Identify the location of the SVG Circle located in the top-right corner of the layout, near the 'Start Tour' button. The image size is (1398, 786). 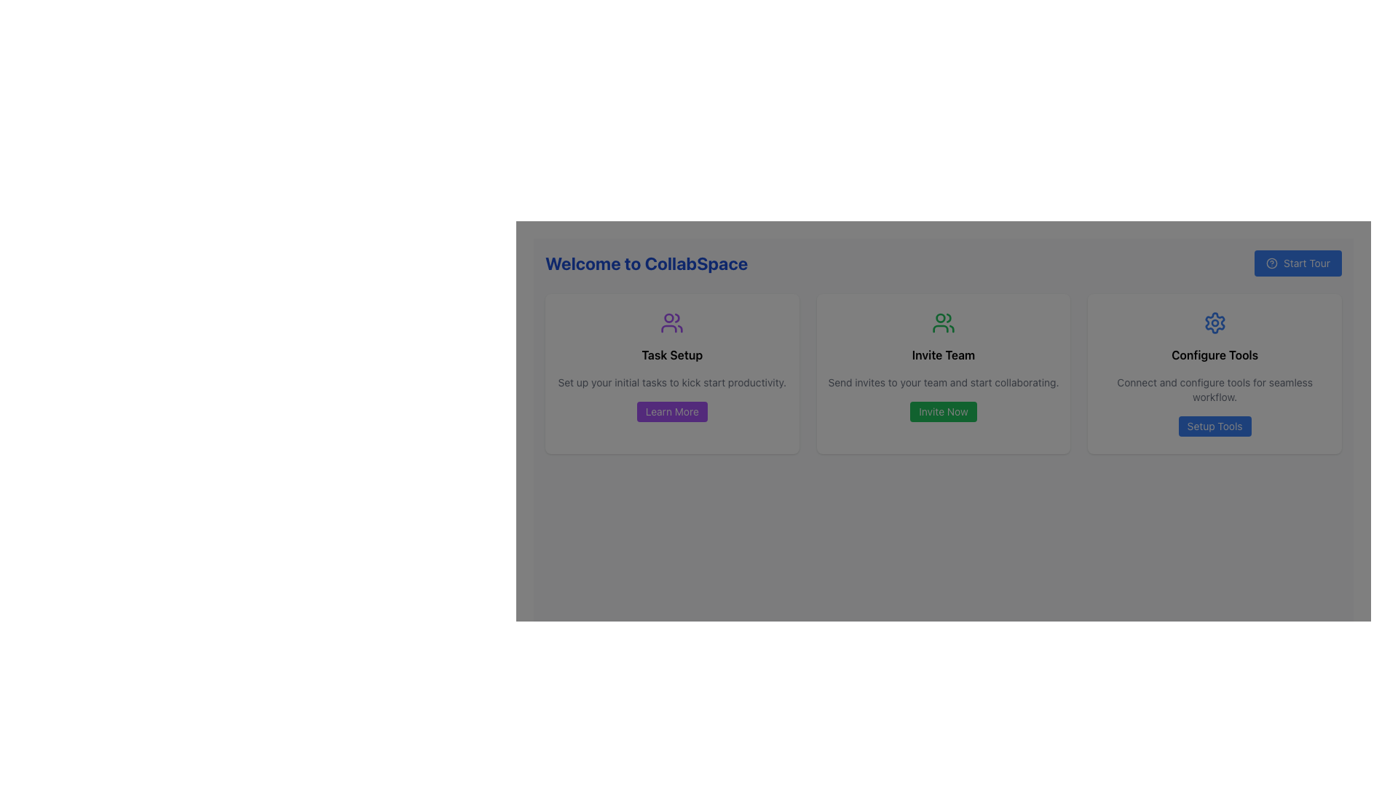
(1271, 263).